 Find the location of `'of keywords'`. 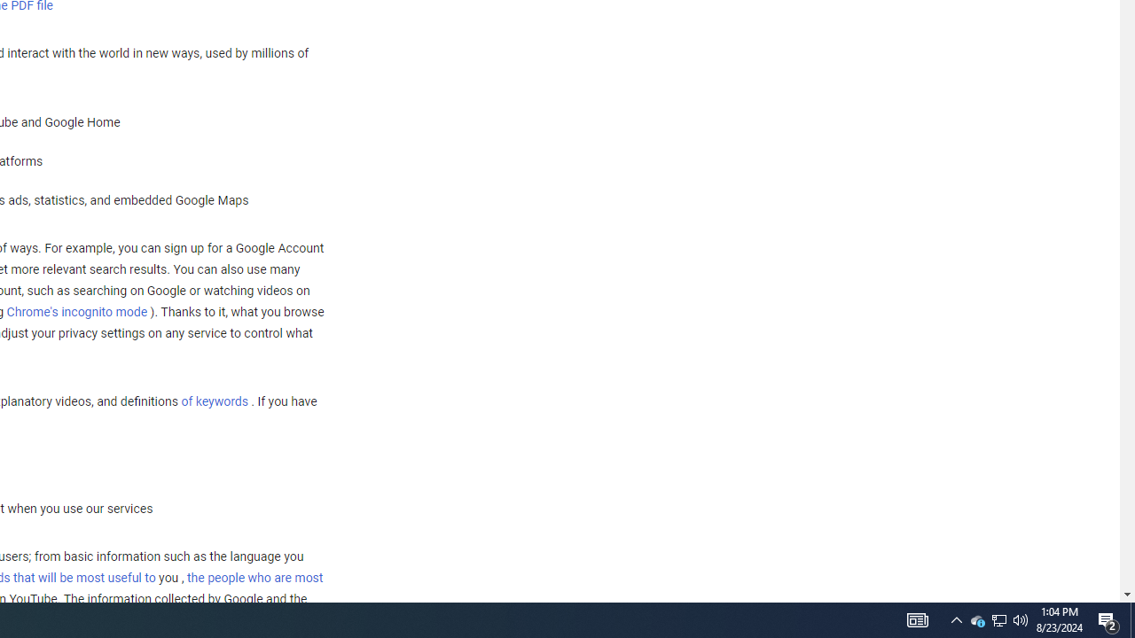

'of keywords' is located at coordinates (213, 401).